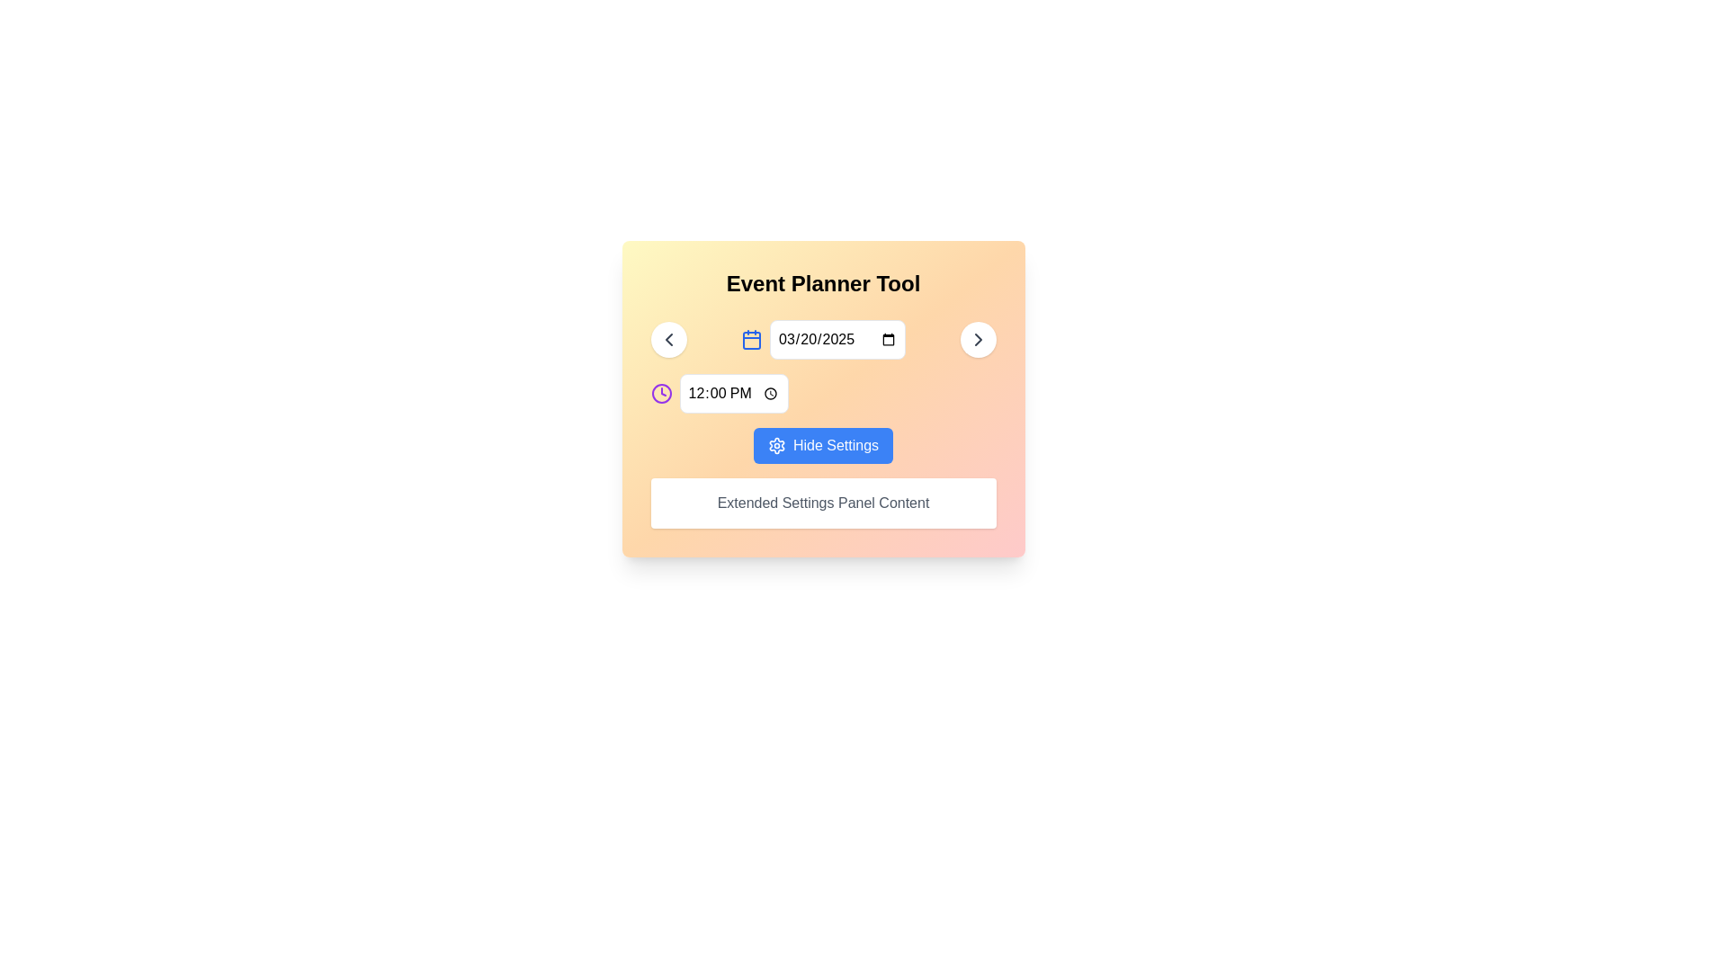  I want to click on the purple clock icon located in the 'Event Planner Tool' interface, positioned to the left of the '12:00 PM' time input field, so click(660, 393).